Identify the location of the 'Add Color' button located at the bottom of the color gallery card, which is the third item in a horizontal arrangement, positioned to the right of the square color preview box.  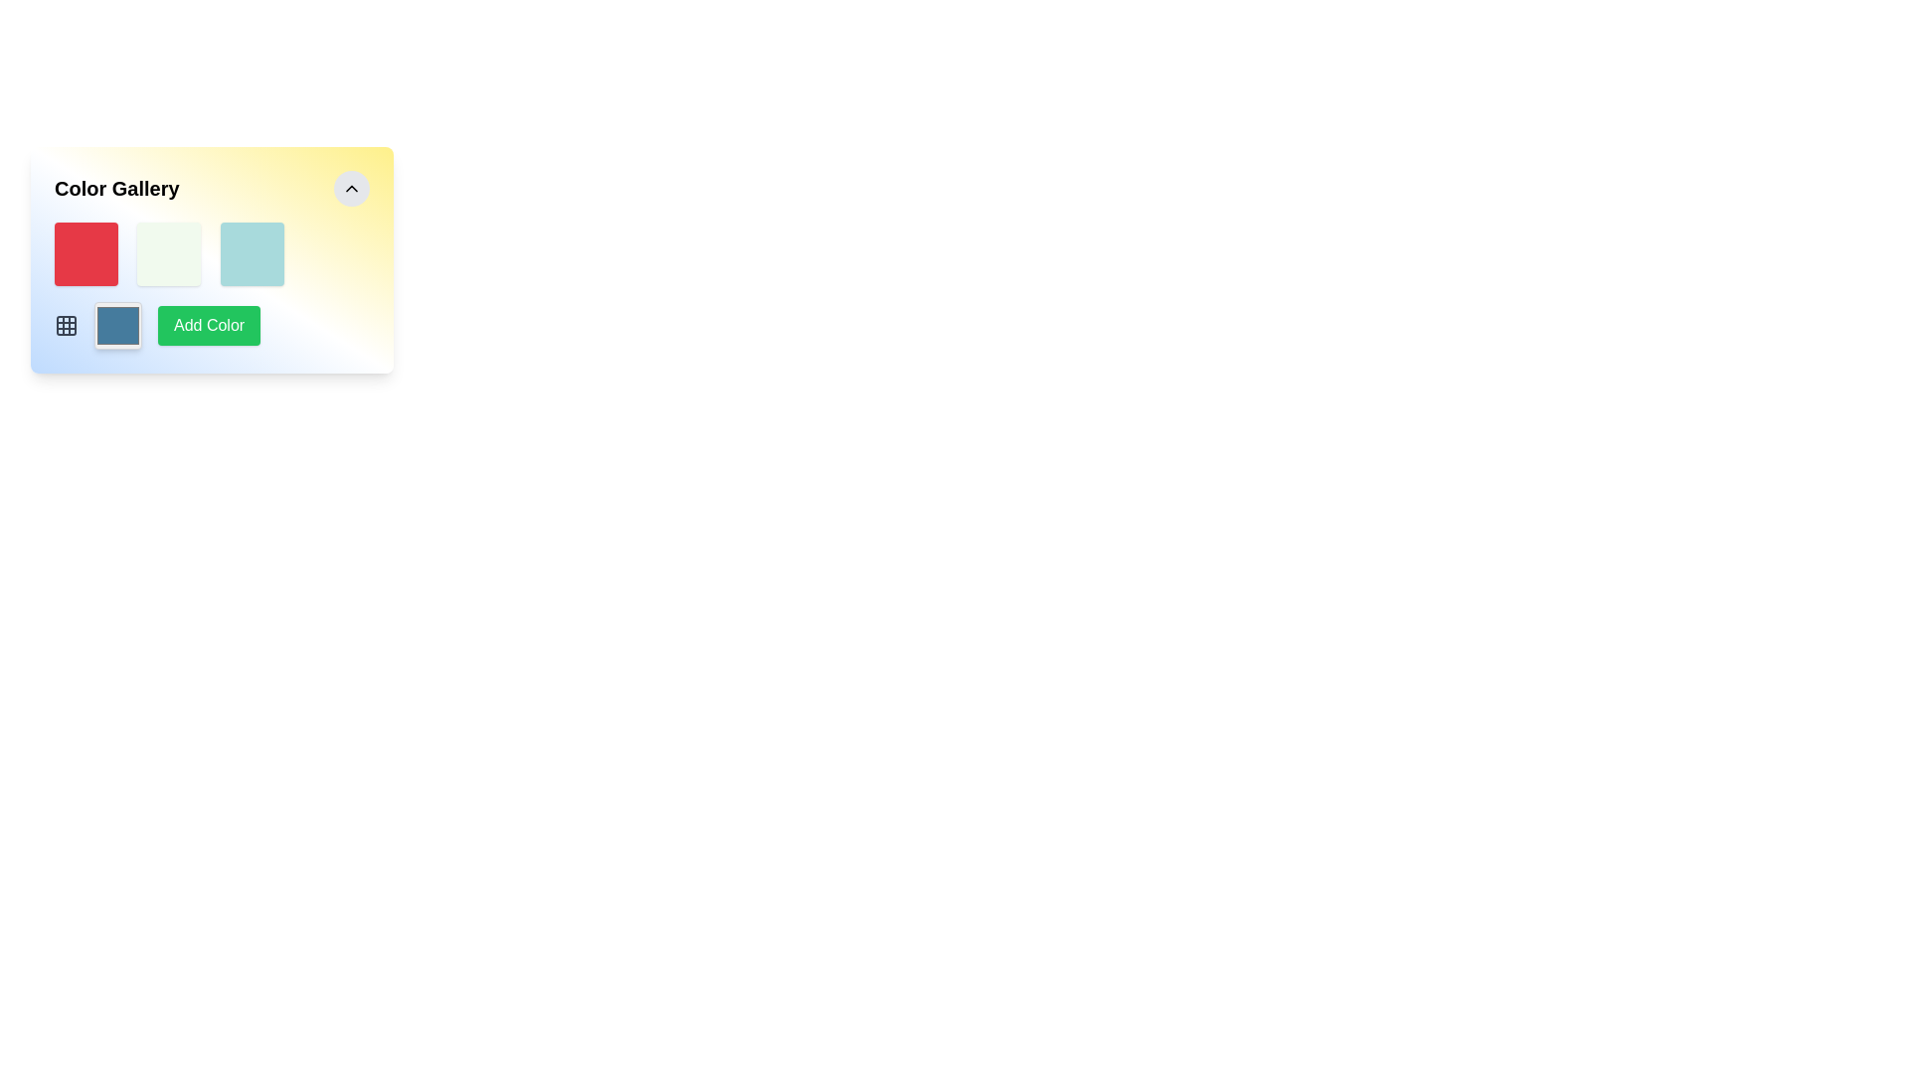
(212, 324).